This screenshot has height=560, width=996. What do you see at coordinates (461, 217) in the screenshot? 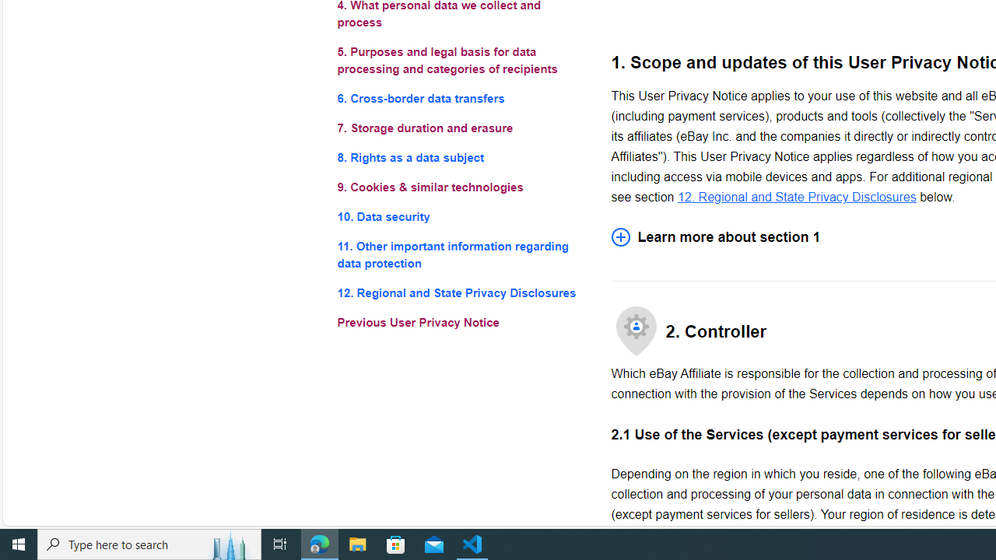
I see `'10. Data security'` at bounding box center [461, 217].